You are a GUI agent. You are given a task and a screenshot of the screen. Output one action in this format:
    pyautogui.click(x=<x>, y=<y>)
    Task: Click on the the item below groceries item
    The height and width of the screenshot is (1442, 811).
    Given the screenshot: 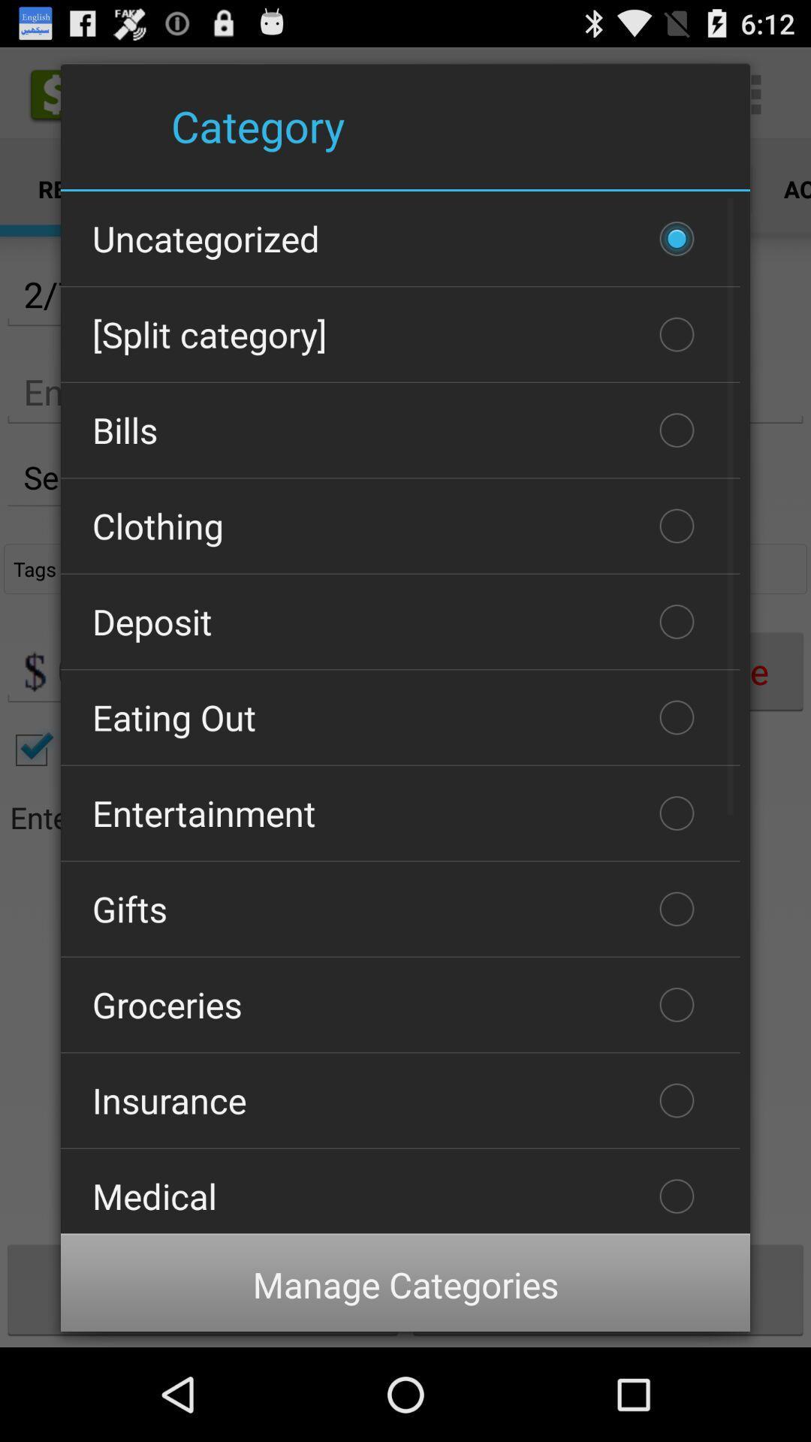 What is the action you would take?
    pyautogui.click(x=399, y=1100)
    